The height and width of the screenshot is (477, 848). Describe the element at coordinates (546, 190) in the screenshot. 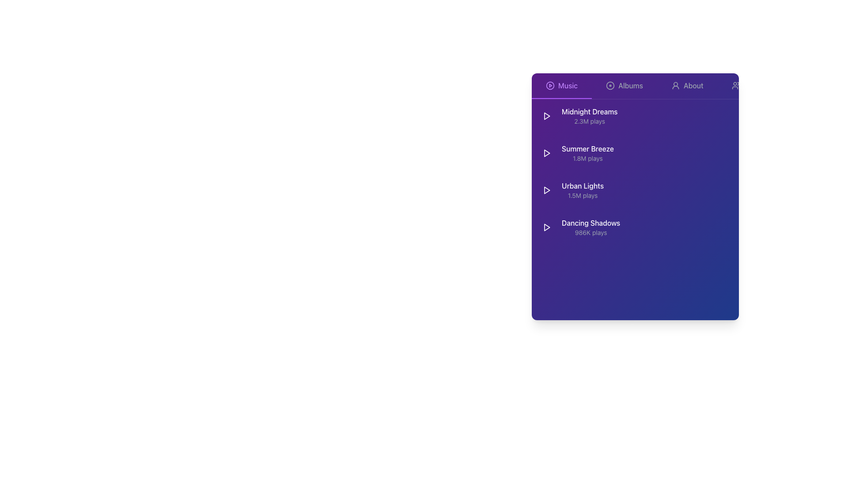

I see `the play button for the 'Urban Lights' entry in the list to initiate playback of the corresponding media item` at that location.